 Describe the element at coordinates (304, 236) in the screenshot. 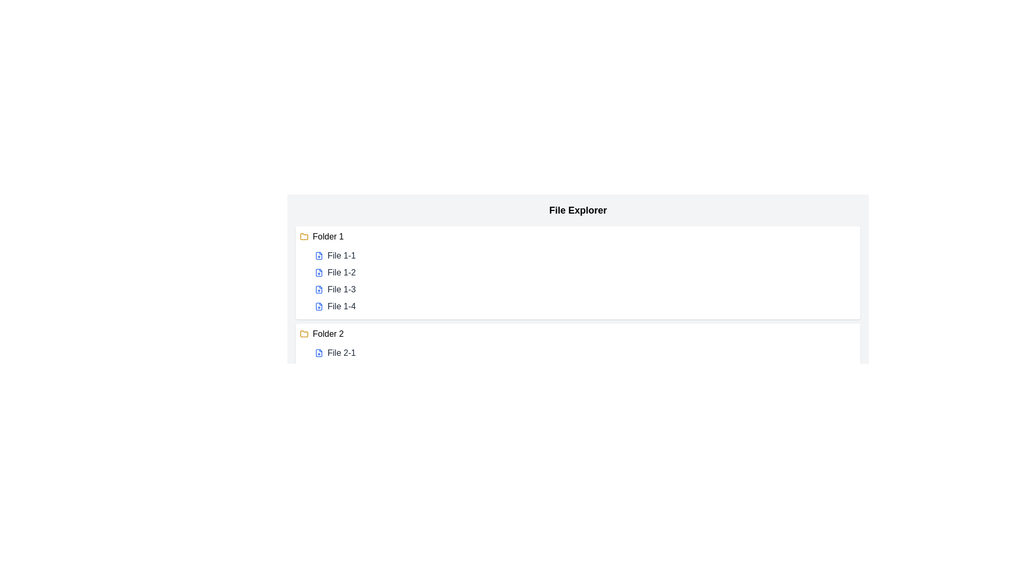

I see `the folder icon located at the top entry of the file list, which is the leftmost component in the row labeled 'Folder 1'` at that location.